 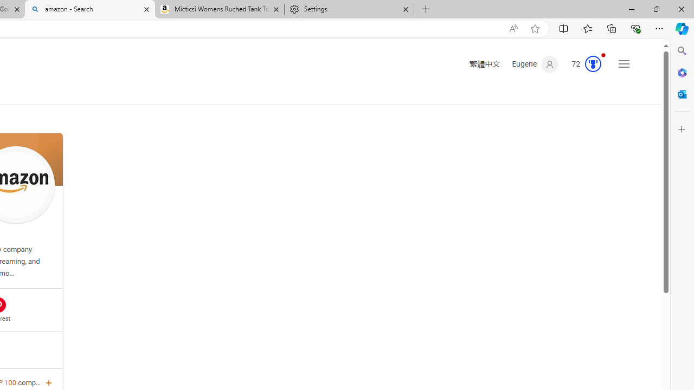 What do you see at coordinates (602, 55) in the screenshot?
I see `'Animation'` at bounding box center [602, 55].